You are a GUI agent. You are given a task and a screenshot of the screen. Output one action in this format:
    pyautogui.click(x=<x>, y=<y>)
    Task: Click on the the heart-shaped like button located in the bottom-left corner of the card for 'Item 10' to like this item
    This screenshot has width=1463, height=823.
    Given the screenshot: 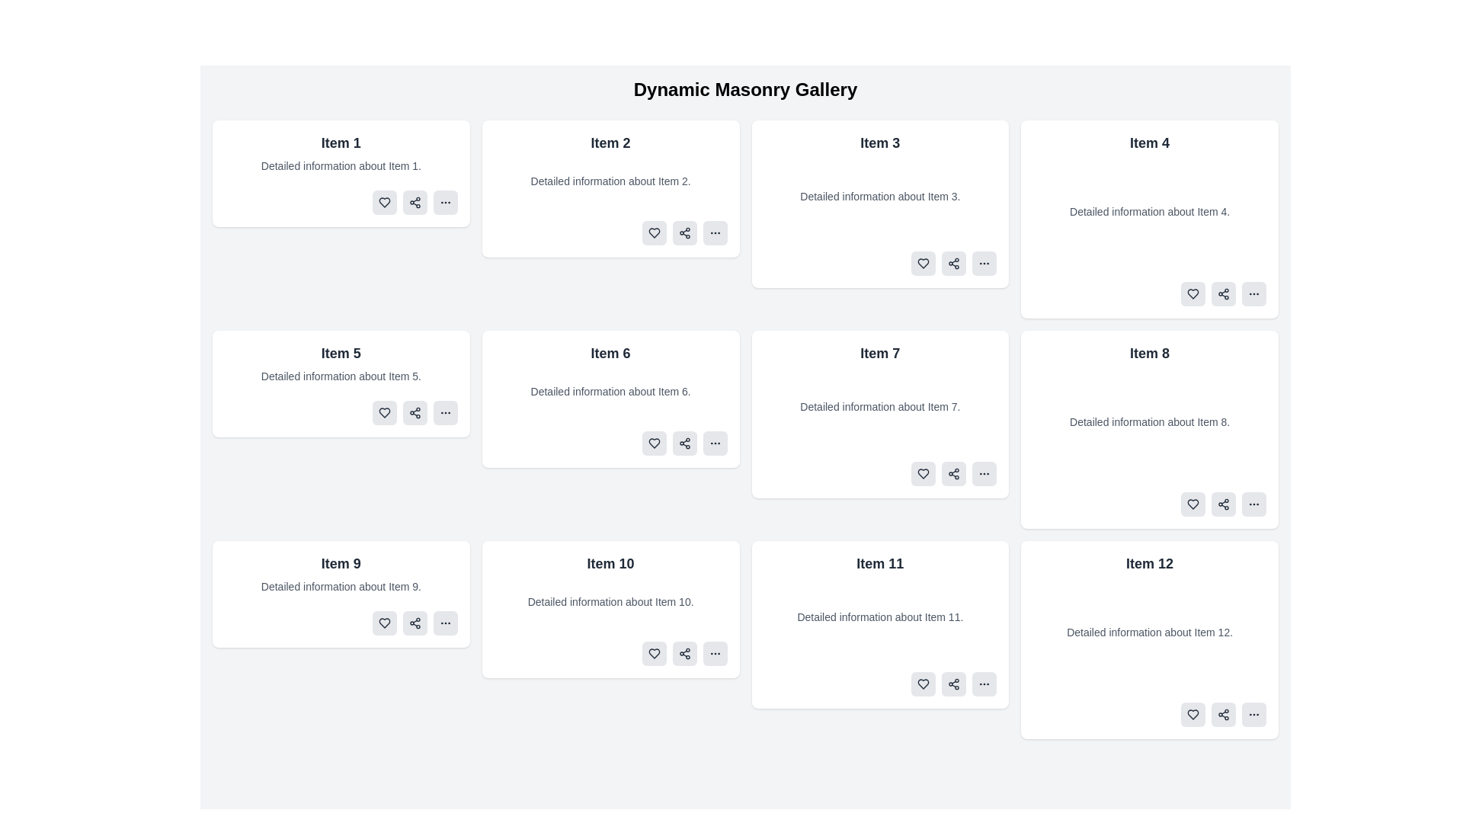 What is the action you would take?
    pyautogui.click(x=654, y=652)
    